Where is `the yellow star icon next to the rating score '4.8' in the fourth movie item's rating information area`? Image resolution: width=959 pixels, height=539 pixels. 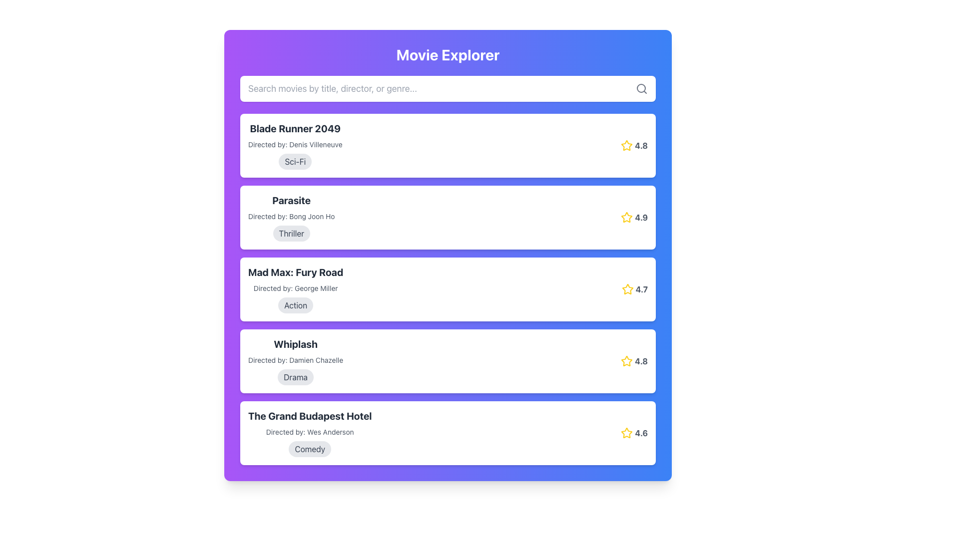 the yellow star icon next to the rating score '4.8' in the fourth movie item's rating information area is located at coordinates (626, 361).